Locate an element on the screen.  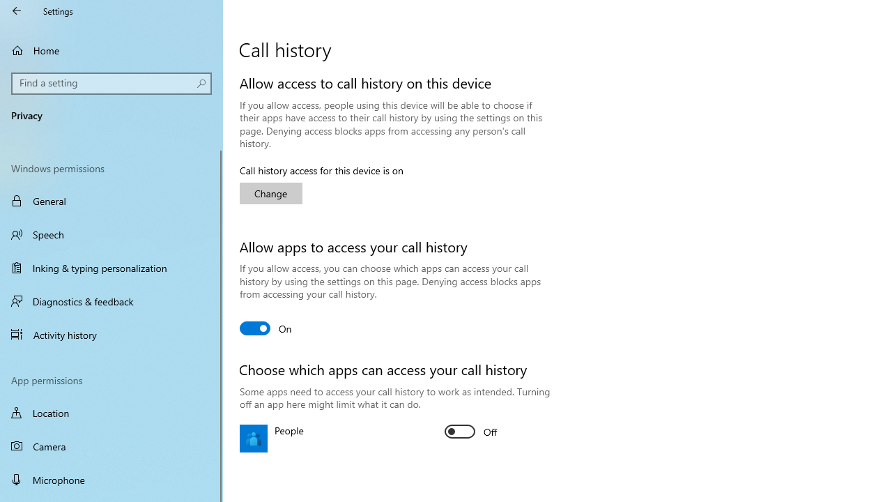
'Camera' is located at coordinates (111, 446).